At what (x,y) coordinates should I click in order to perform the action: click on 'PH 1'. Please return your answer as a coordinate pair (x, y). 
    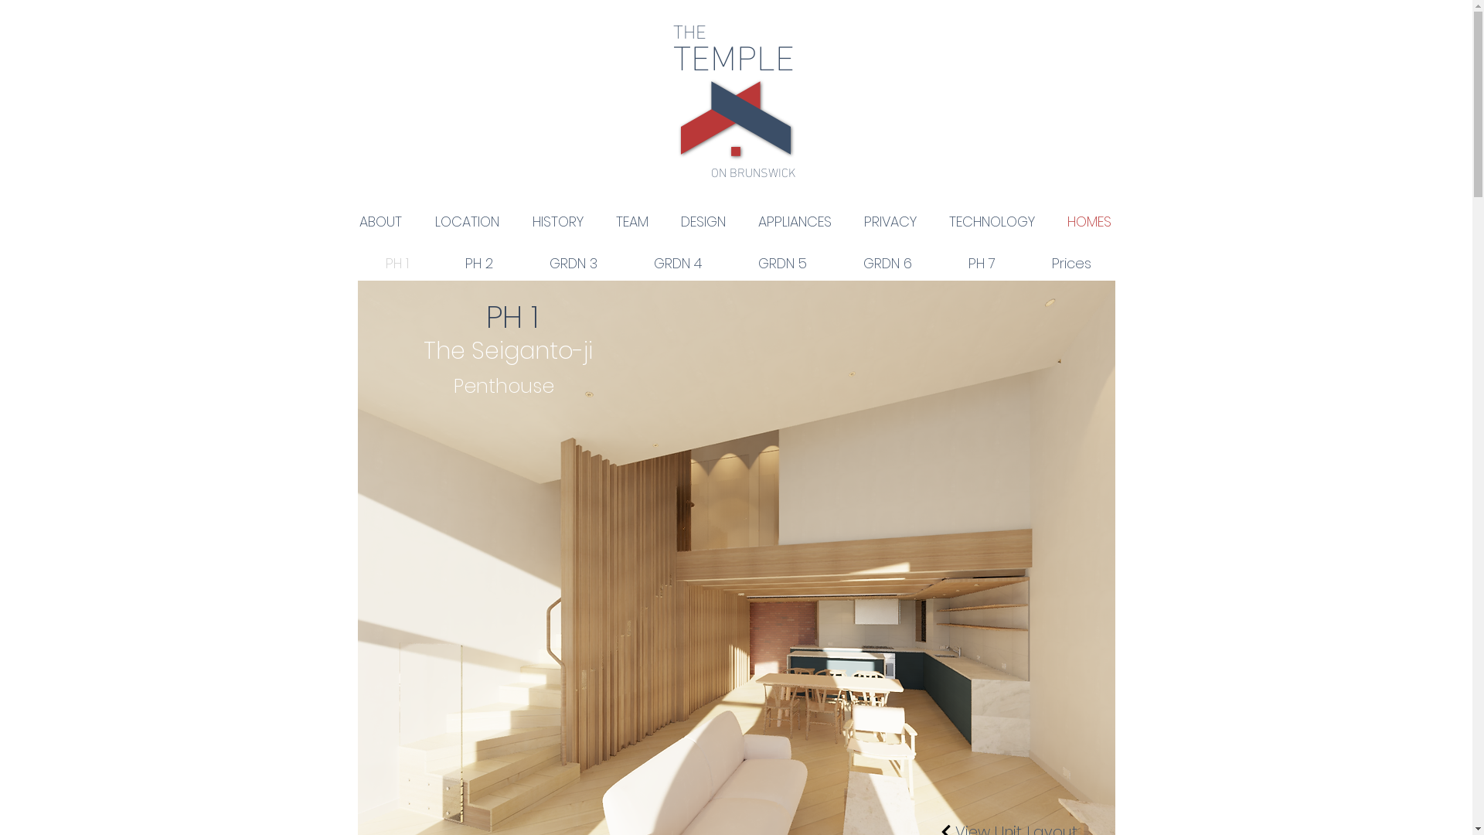
    Looking at the image, I should click on (397, 262).